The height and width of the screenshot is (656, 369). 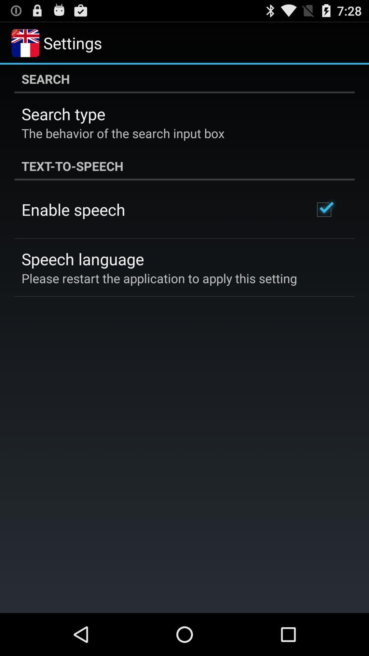 What do you see at coordinates (324, 209) in the screenshot?
I see `icon at the top right corner` at bounding box center [324, 209].